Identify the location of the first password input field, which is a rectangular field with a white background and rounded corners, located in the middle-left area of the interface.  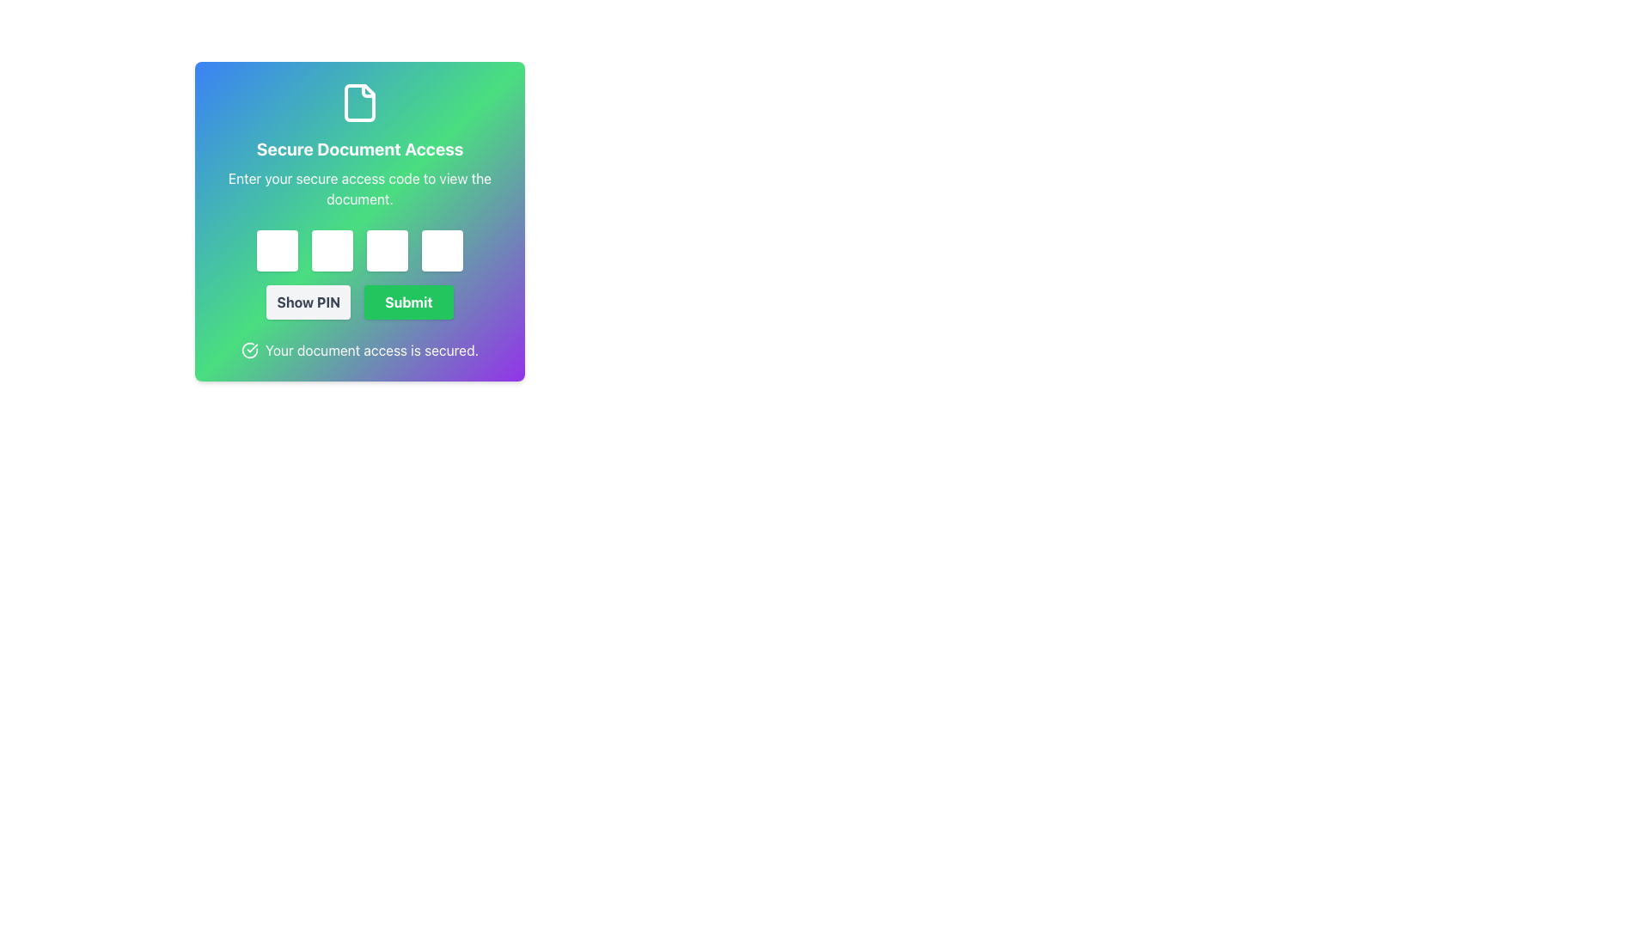
(277, 251).